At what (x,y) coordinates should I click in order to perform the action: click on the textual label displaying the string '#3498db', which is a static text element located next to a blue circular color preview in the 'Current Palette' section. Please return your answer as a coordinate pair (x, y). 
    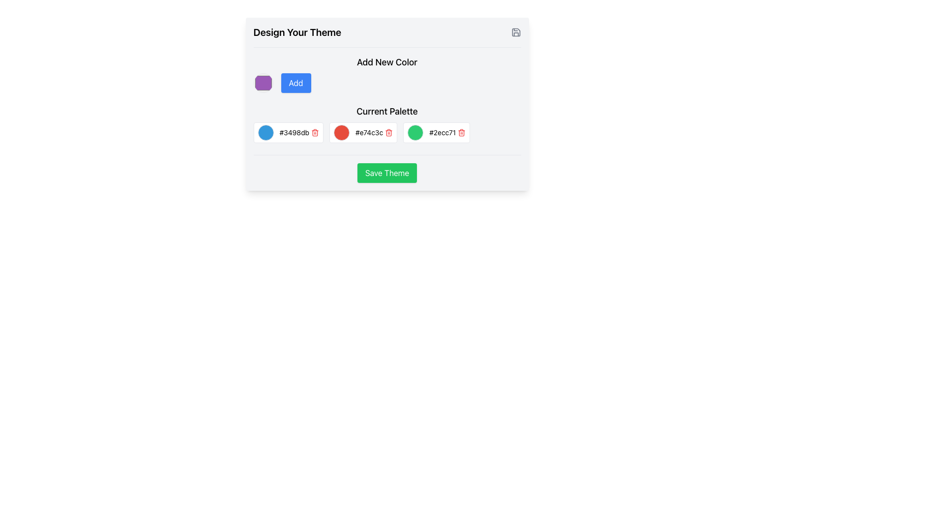
    Looking at the image, I should click on (294, 133).